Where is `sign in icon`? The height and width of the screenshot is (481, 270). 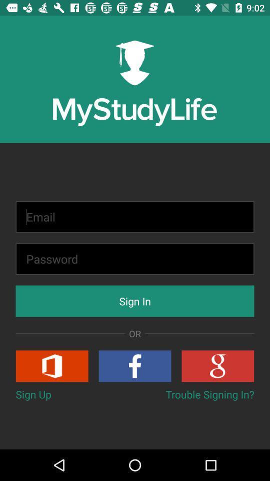
sign in icon is located at coordinates (135, 301).